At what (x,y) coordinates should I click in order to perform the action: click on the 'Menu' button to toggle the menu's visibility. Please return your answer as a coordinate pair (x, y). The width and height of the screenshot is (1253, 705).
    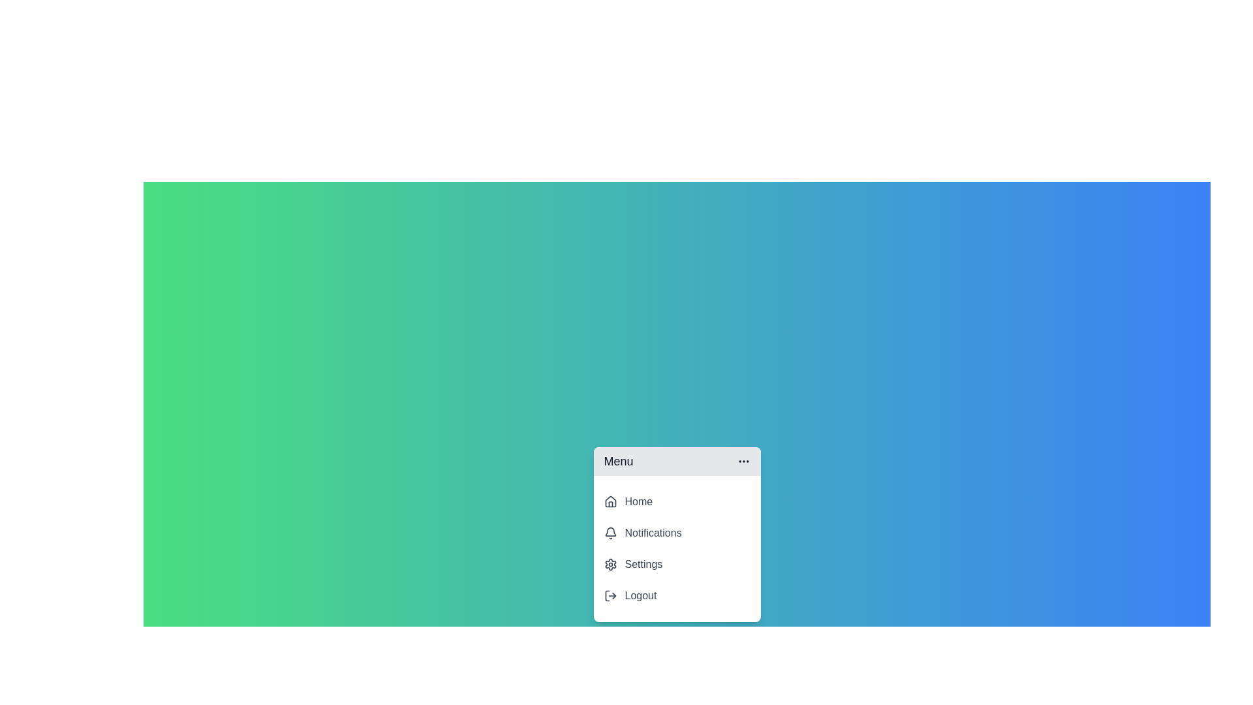
    Looking at the image, I should click on (677, 460).